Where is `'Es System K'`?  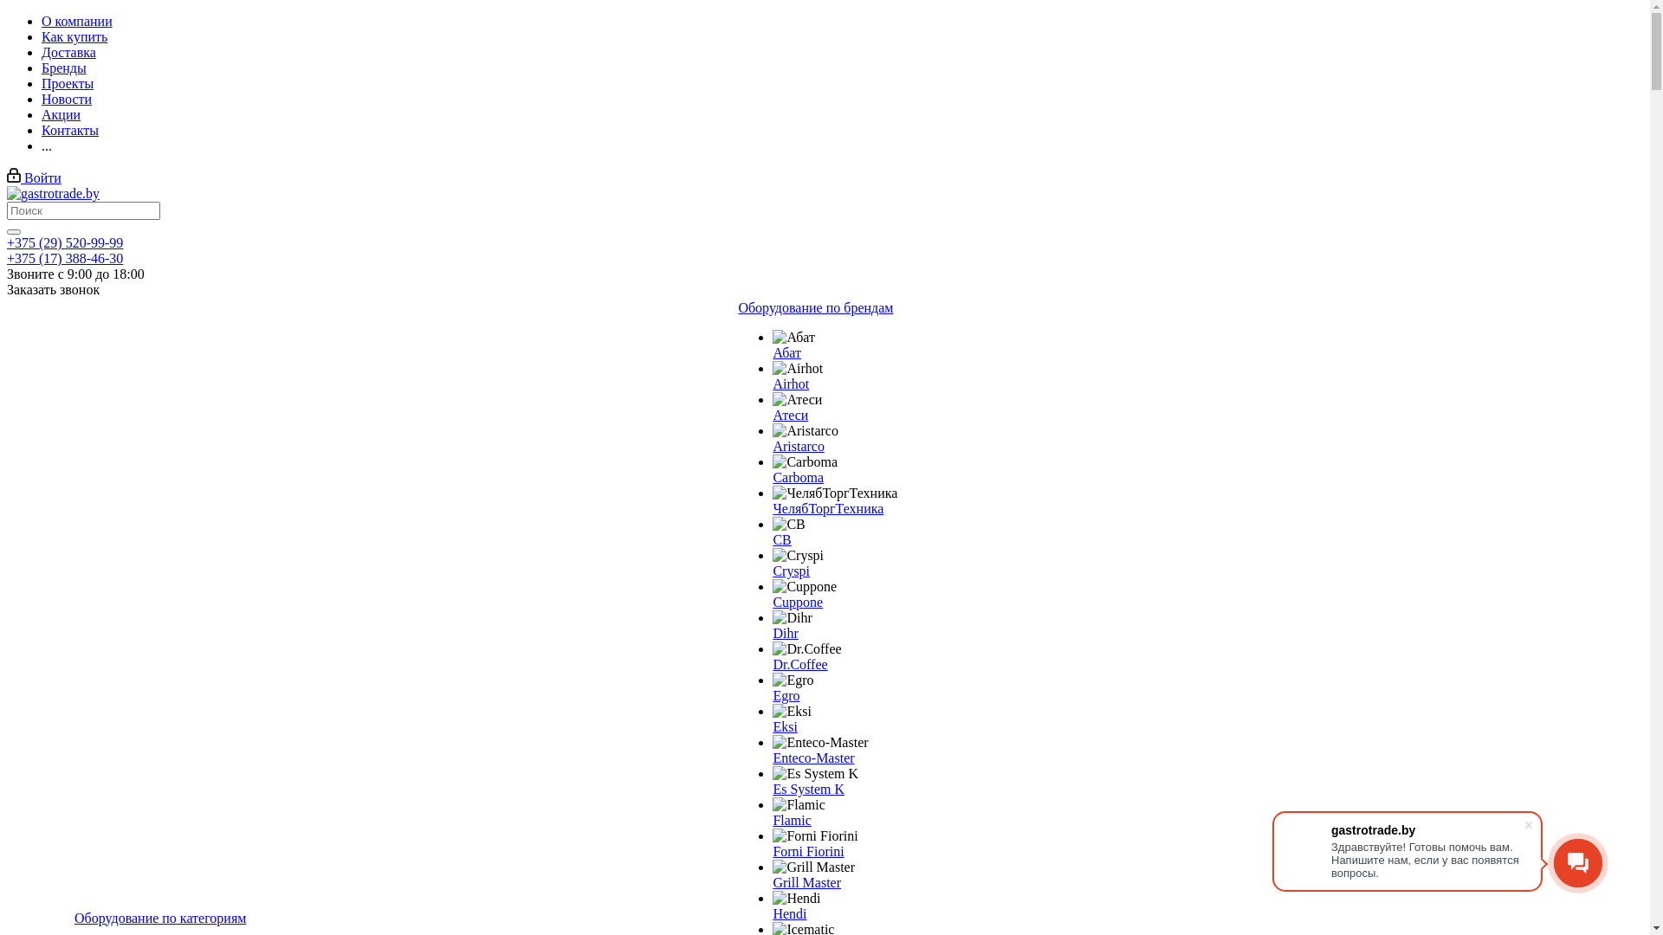 'Es System K' is located at coordinates (807, 789).